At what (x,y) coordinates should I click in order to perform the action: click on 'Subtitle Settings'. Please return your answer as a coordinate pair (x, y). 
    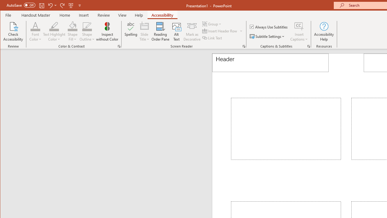
    Looking at the image, I should click on (267, 36).